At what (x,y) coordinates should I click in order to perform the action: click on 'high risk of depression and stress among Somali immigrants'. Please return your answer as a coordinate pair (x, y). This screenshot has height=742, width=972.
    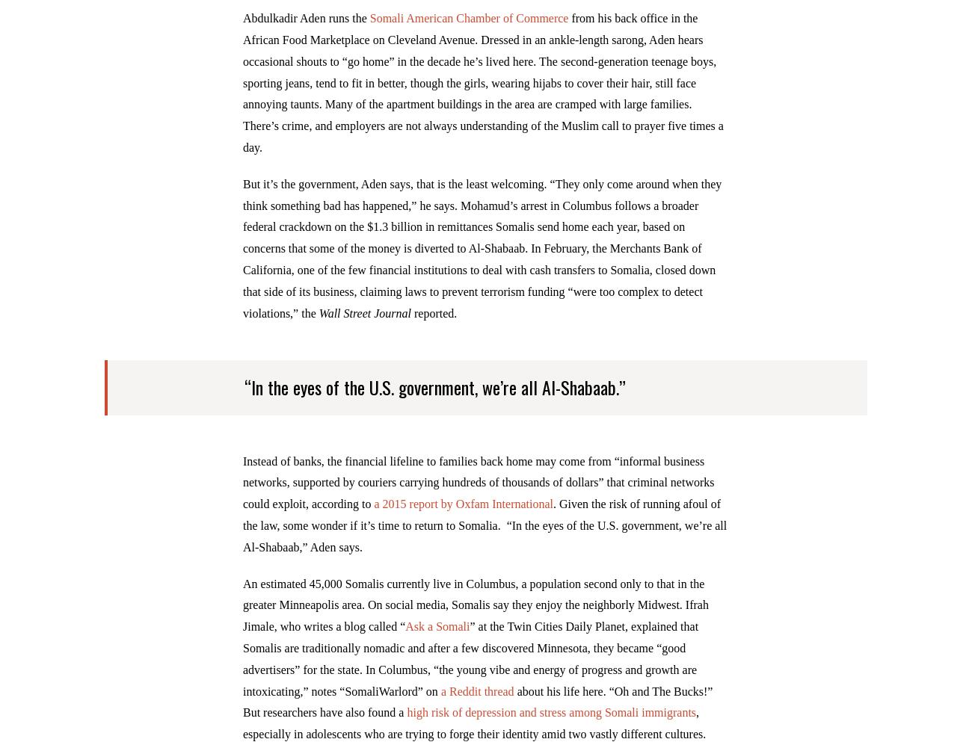
    Looking at the image, I should click on (551, 723).